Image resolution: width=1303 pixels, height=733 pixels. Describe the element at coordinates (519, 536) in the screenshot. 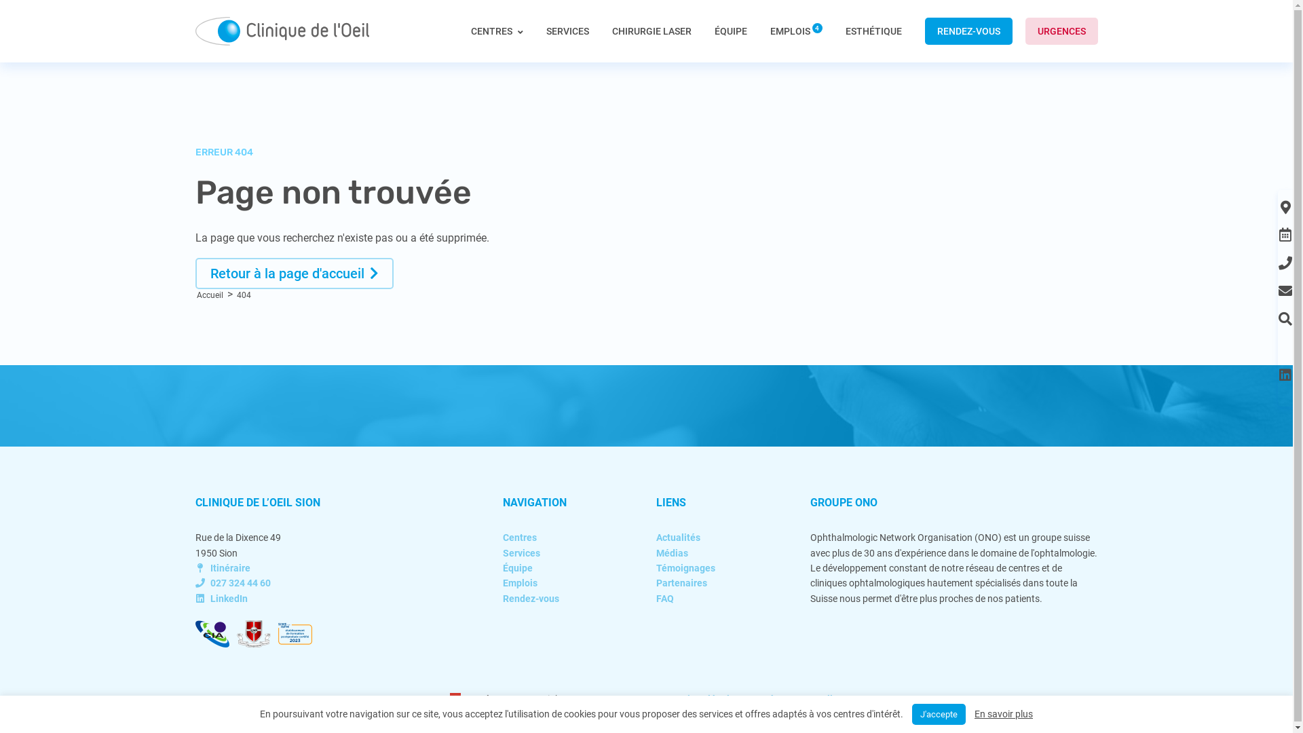

I see `'Centres'` at that location.